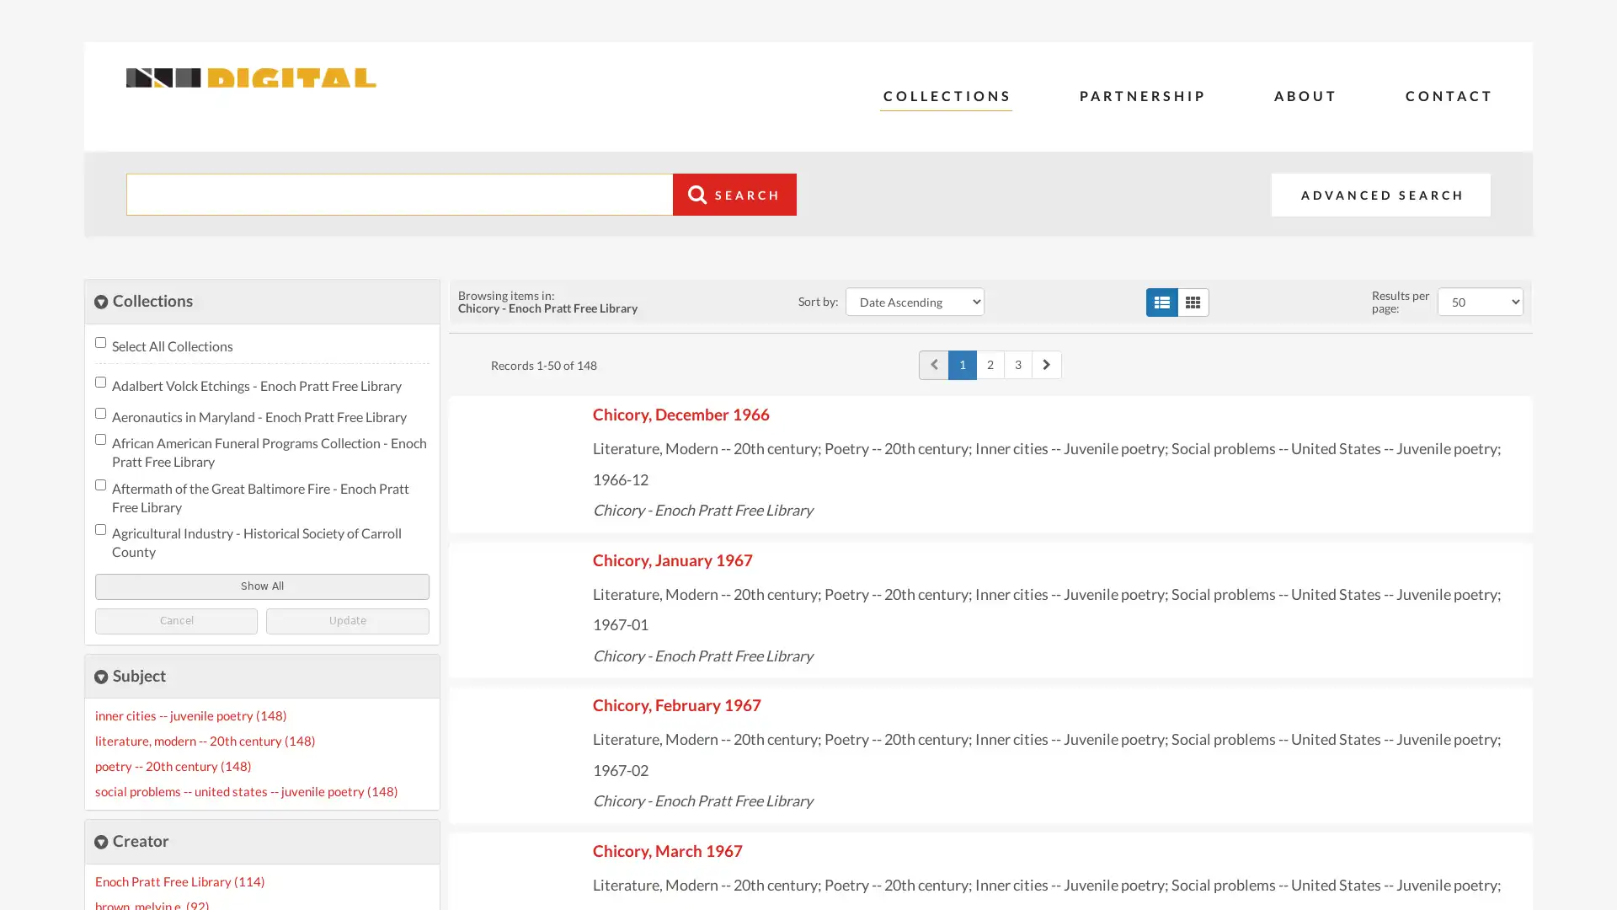  What do you see at coordinates (346, 620) in the screenshot?
I see `Update` at bounding box center [346, 620].